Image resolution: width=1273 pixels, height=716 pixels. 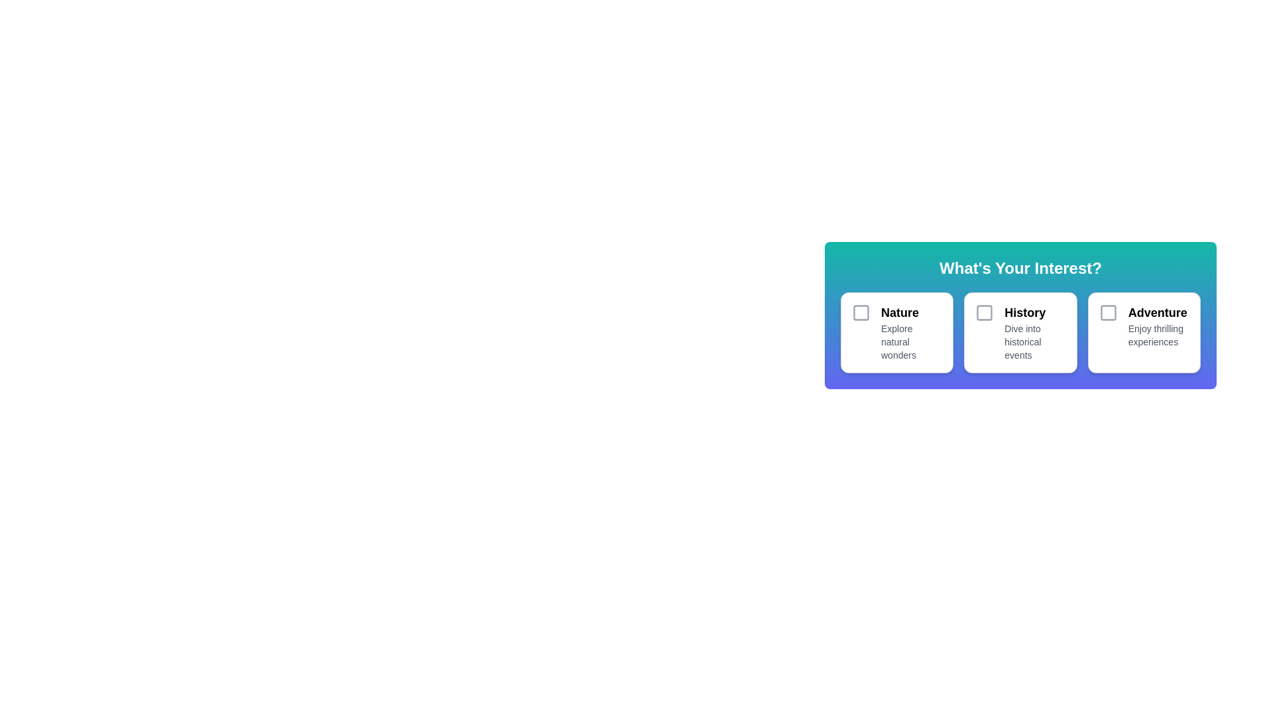 What do you see at coordinates (1108, 331) in the screenshot?
I see `the checkbox located within the 'Adventure' card` at bounding box center [1108, 331].